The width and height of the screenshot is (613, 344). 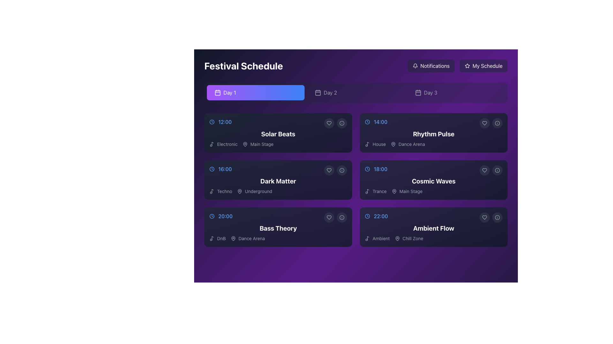 What do you see at coordinates (341, 170) in the screenshot?
I see `the information icon located at the lower right corner of the 'Dark Matter' event card, adjacent to the heart-shaped favorite icon` at bounding box center [341, 170].